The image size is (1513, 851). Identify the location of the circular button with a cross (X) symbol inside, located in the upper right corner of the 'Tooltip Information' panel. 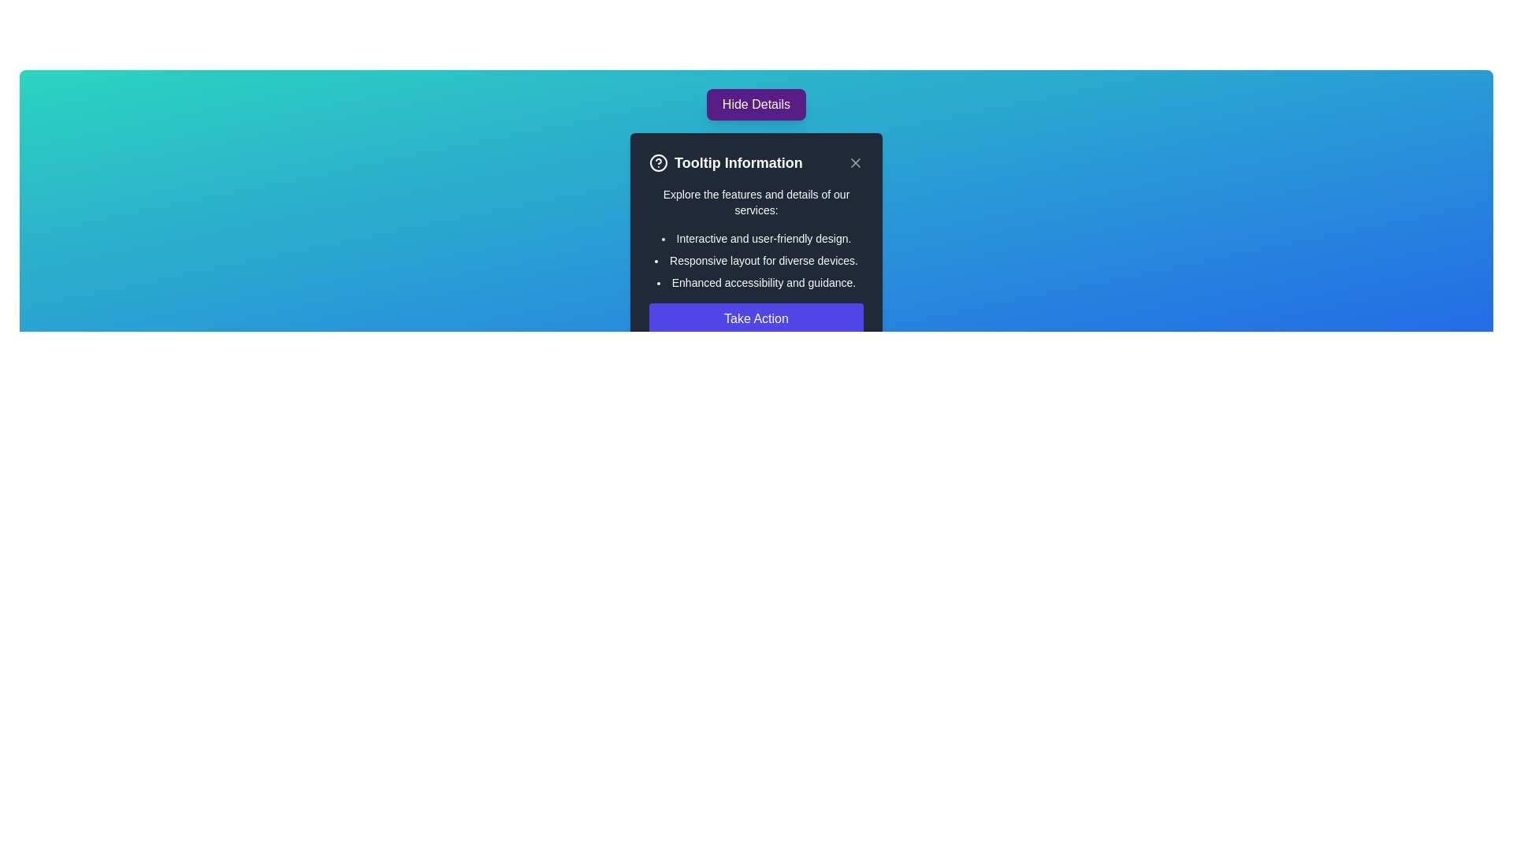
(854, 163).